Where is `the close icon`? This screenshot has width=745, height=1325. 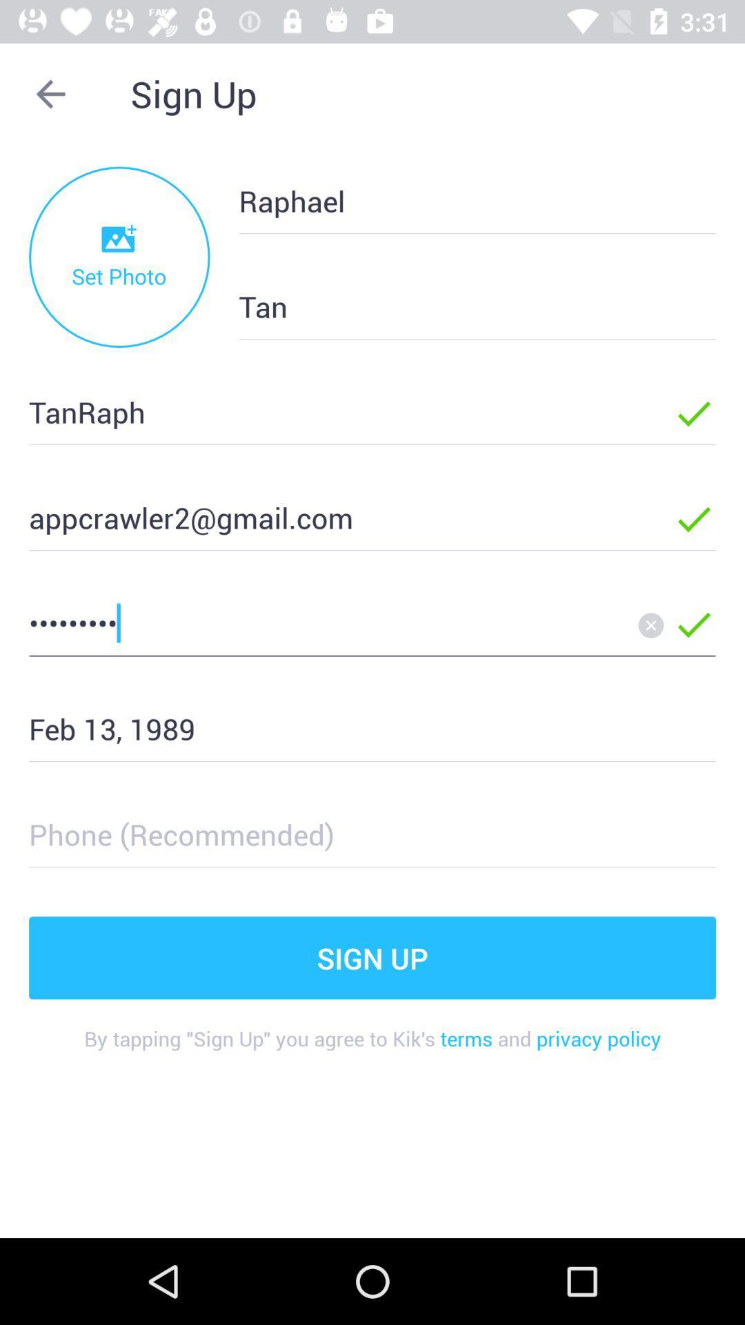
the close icon is located at coordinates (650, 625).